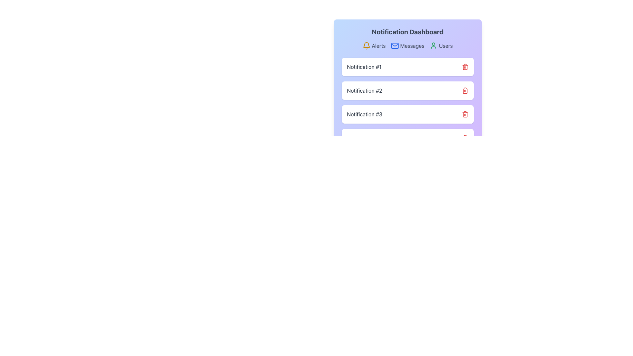 The height and width of the screenshot is (356, 633). What do you see at coordinates (395, 45) in the screenshot?
I see `the blue-colored envelope-shaped icon located in the horizontal menu bar, positioned between the yellow bell icon labeled 'Alerts' and the user icon labeled 'Users'` at bounding box center [395, 45].